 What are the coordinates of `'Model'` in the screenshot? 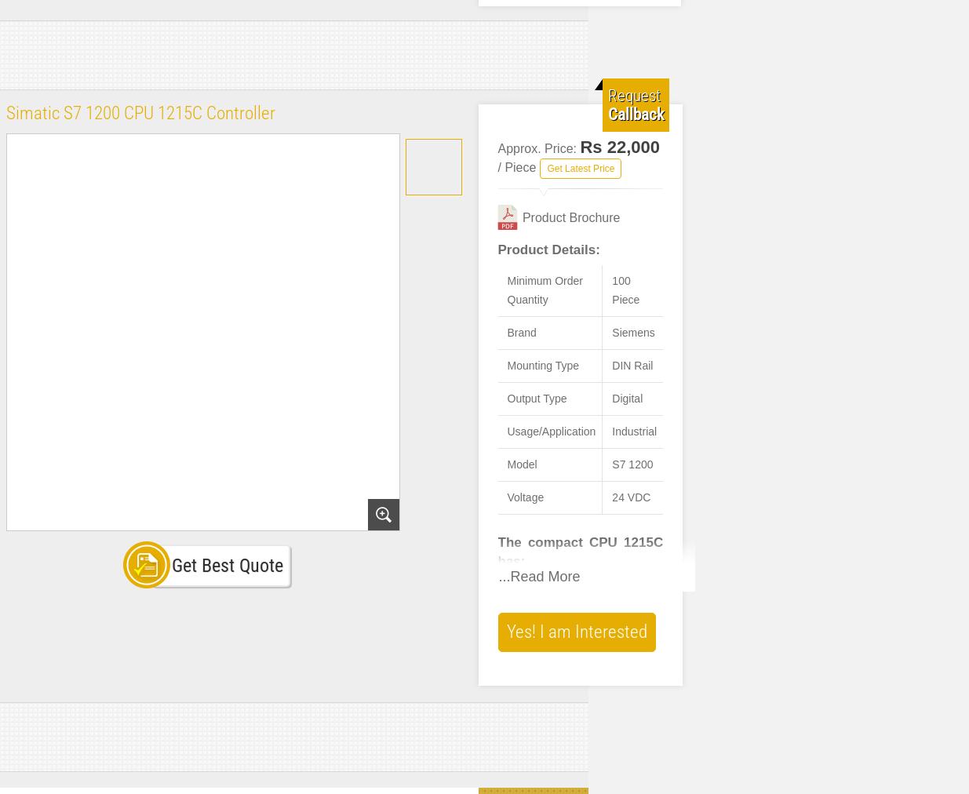 It's located at (507, 464).